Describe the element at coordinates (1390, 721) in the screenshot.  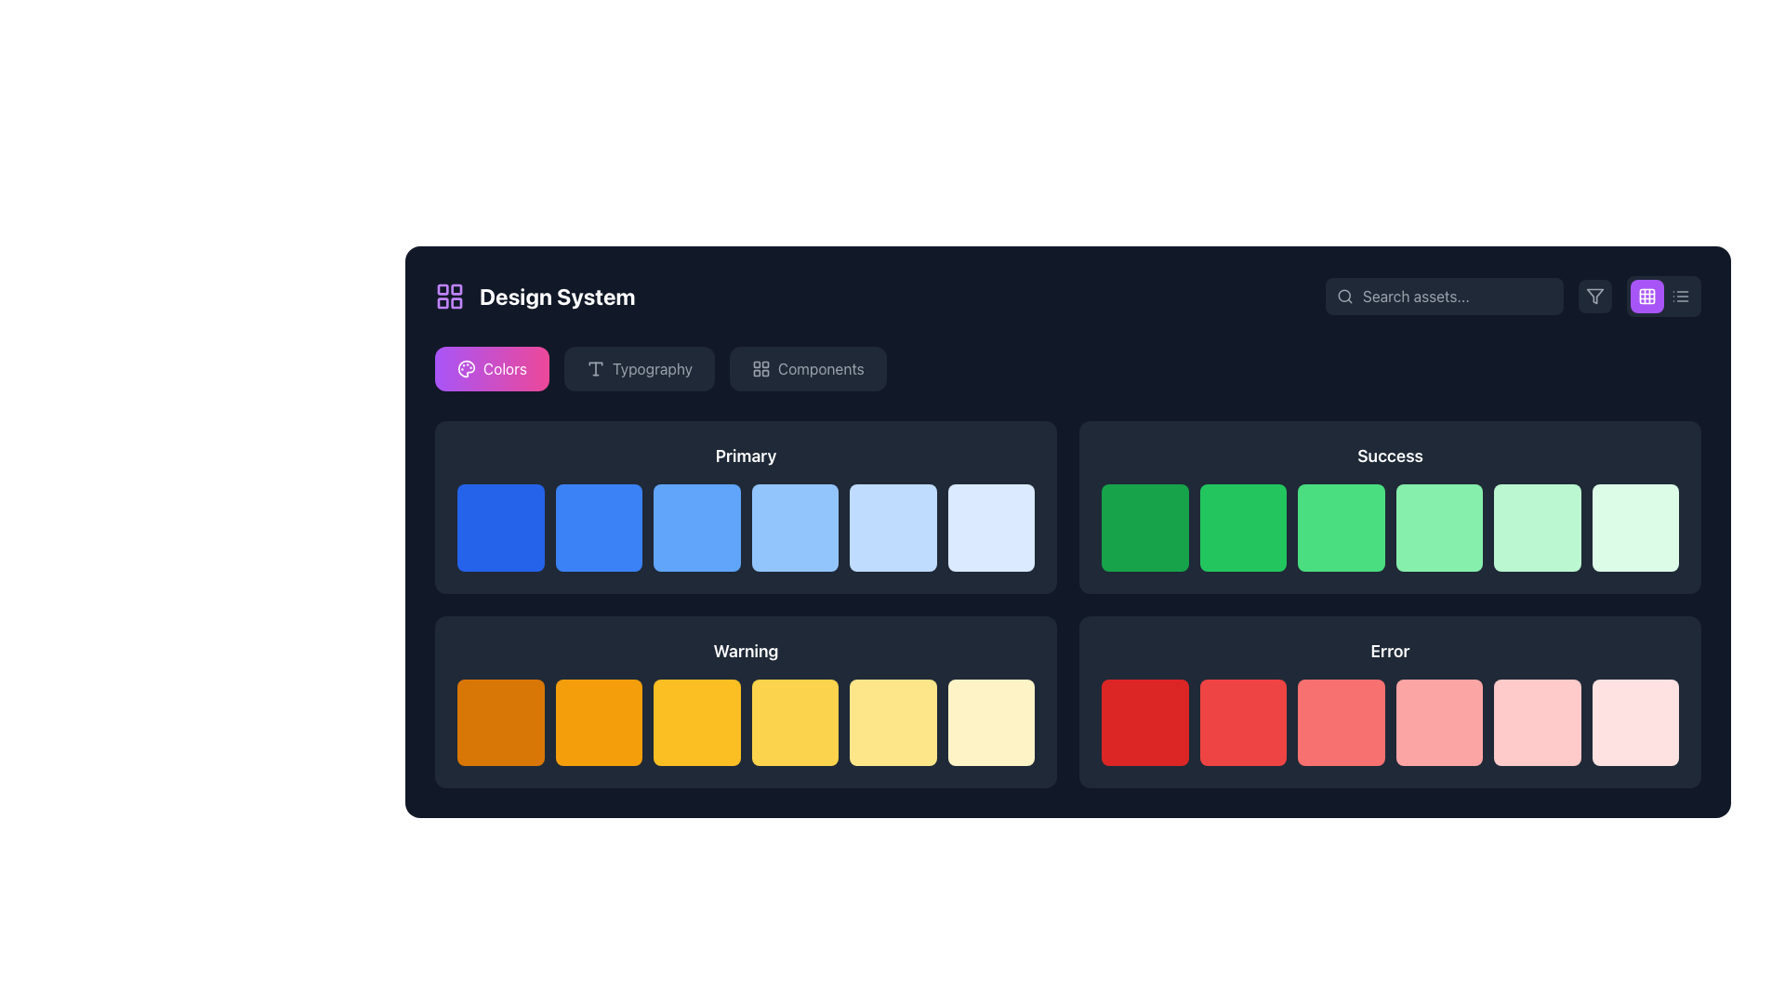
I see `the third square in the horizontal color swatch representing shades of red within the 'Error' section` at that location.